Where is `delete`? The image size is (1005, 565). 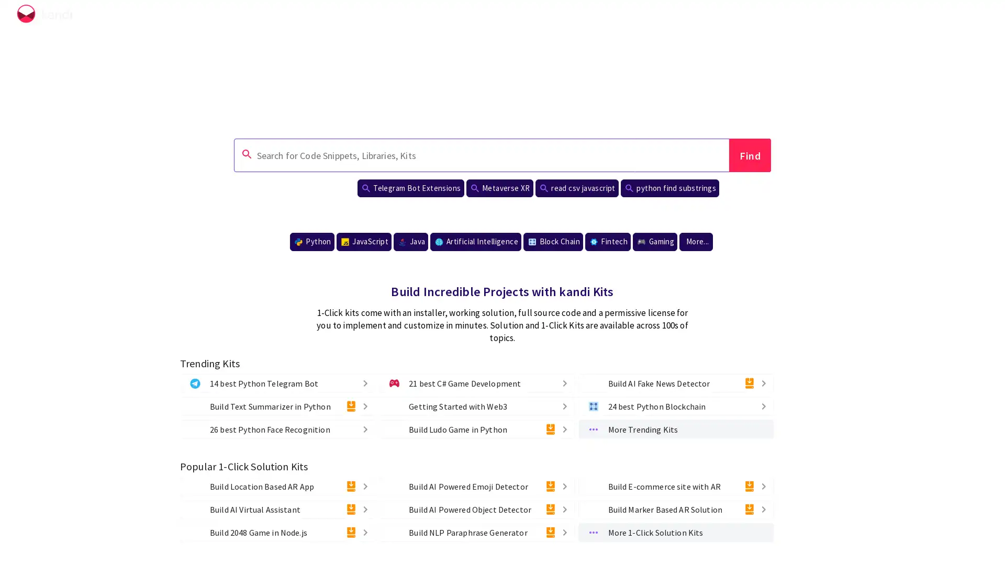 delete is located at coordinates (748, 508).